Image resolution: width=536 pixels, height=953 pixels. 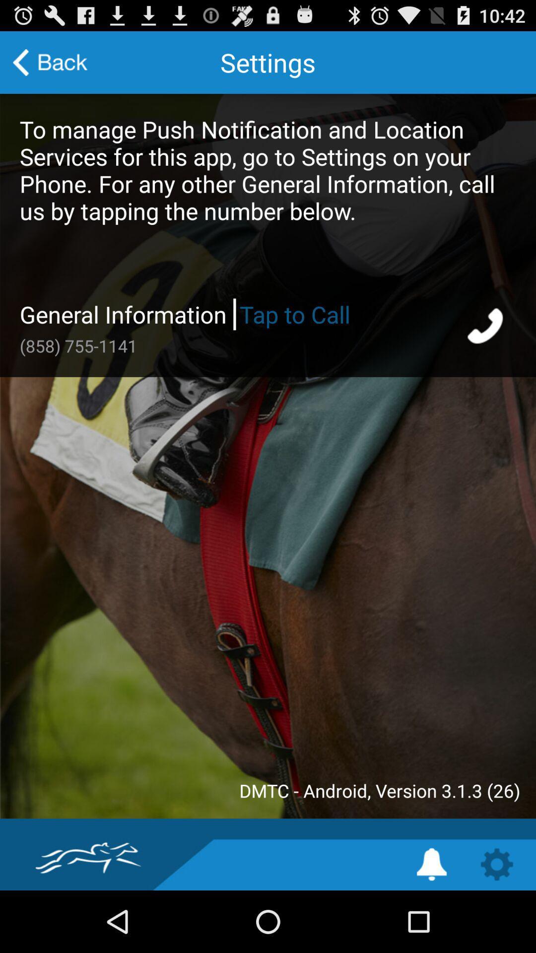 What do you see at coordinates (431, 924) in the screenshot?
I see `the notifications icon` at bounding box center [431, 924].